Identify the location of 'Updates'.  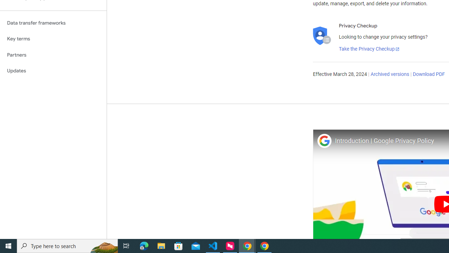
(53, 71).